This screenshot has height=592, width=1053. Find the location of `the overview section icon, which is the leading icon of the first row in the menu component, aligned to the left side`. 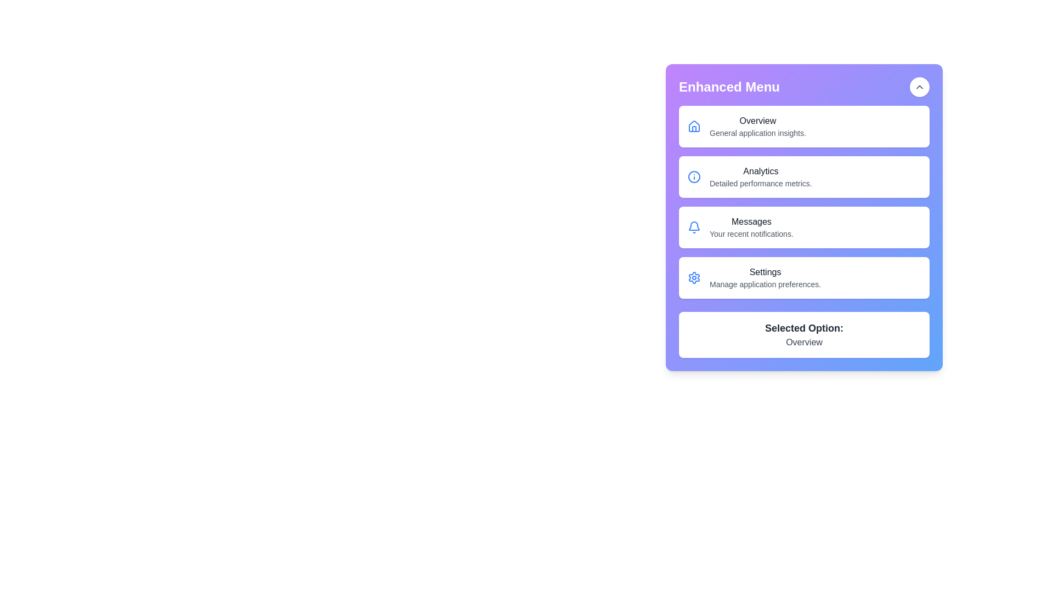

the overview section icon, which is the leading icon of the first row in the menu component, aligned to the left side is located at coordinates (694, 126).